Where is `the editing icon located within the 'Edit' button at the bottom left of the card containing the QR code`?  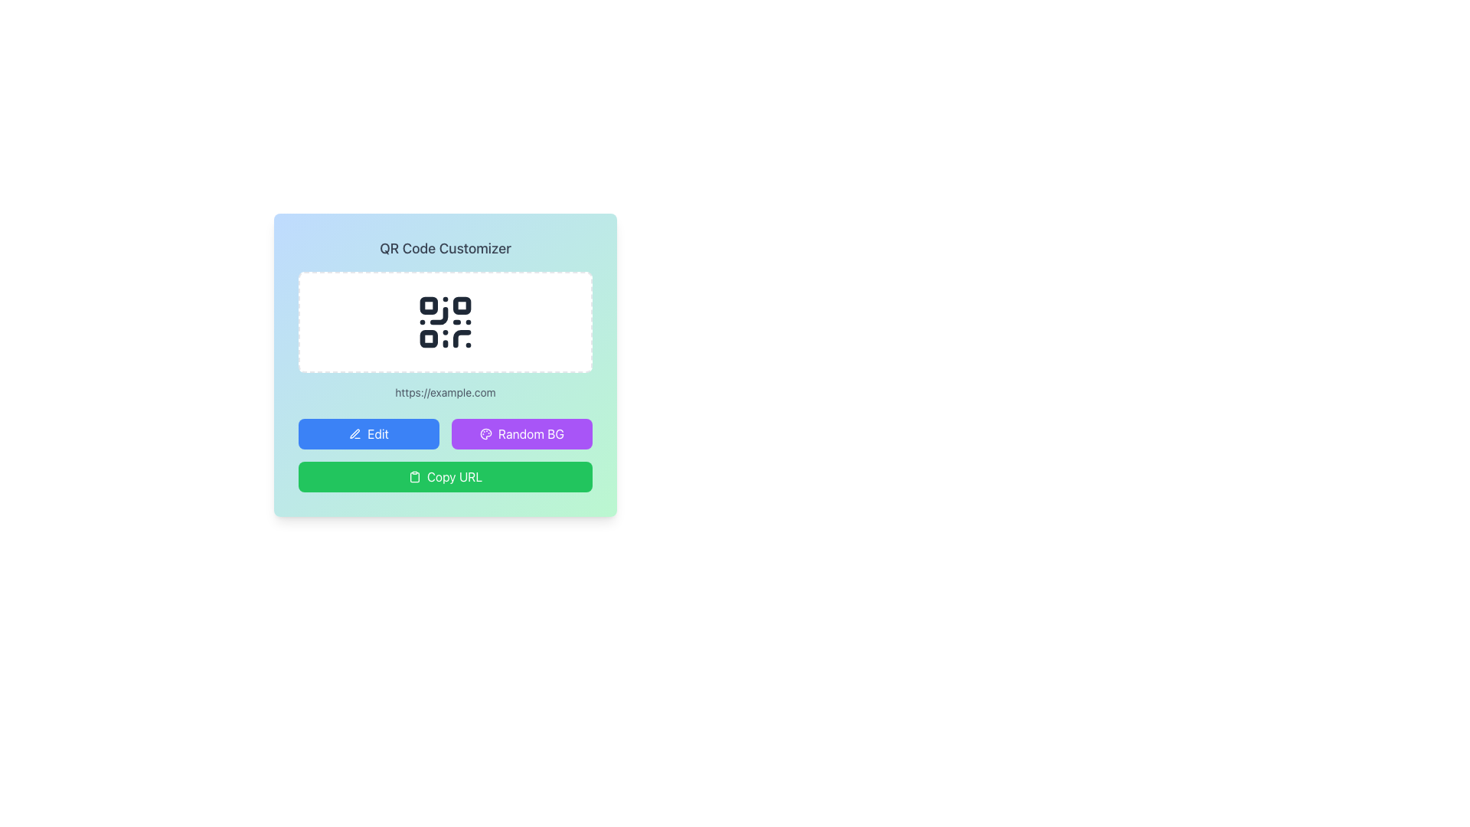 the editing icon located within the 'Edit' button at the bottom left of the card containing the QR code is located at coordinates (354, 434).